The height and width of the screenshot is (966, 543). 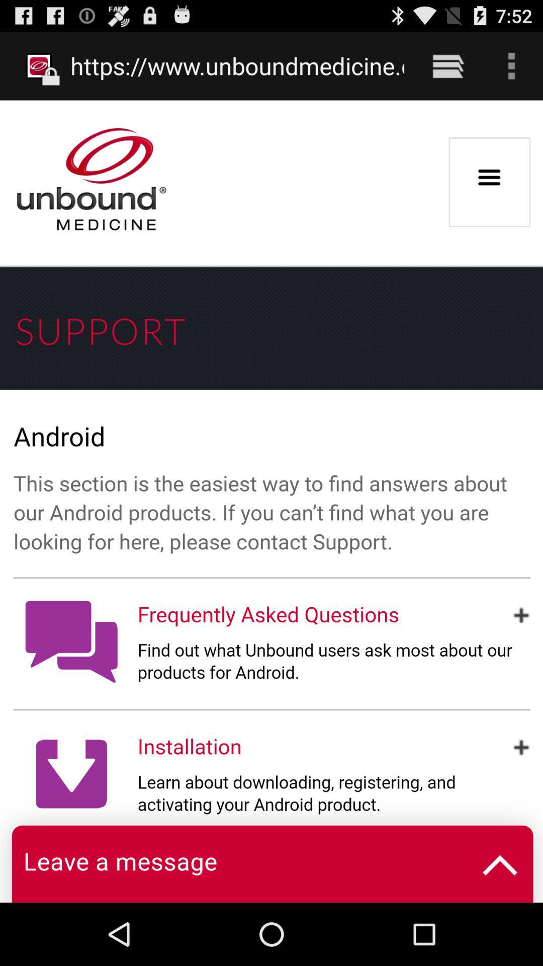 What do you see at coordinates (447, 65) in the screenshot?
I see `icon next to https www unboundmedicine` at bounding box center [447, 65].